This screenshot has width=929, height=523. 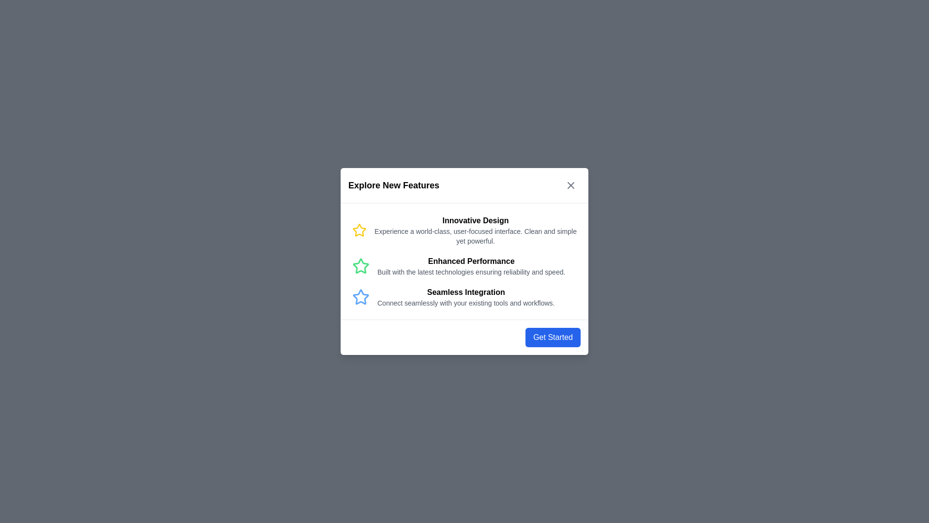 What do you see at coordinates (466, 302) in the screenshot?
I see `the text label that reads 'Connect seamlessly with your existing tools and workflows.', which is styled in a smaller font size and light gray color, positioned below the title 'Seamless Integration'` at bounding box center [466, 302].